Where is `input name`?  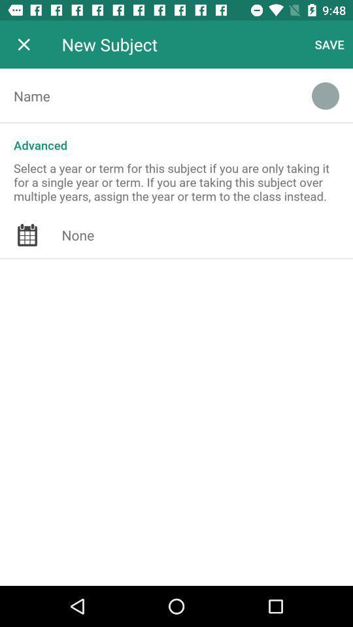
input name is located at coordinates (148, 95).